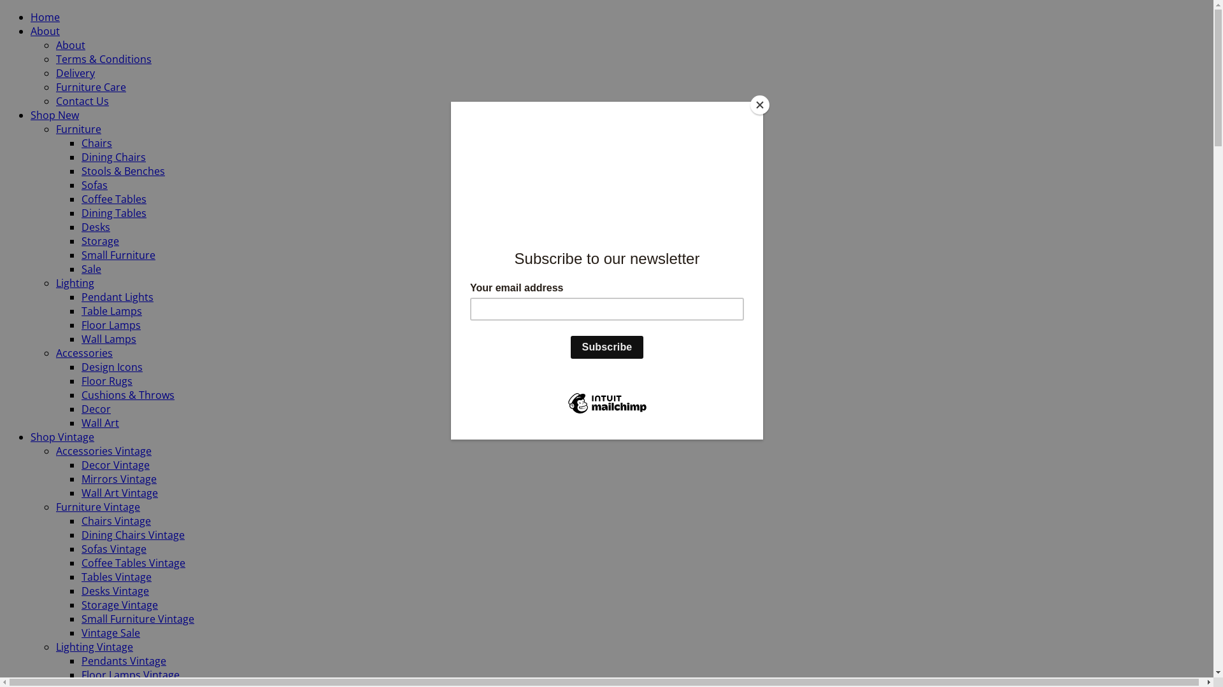 This screenshot has height=687, width=1223. Describe the element at coordinates (81, 367) in the screenshot. I see `'Design Icons'` at that location.